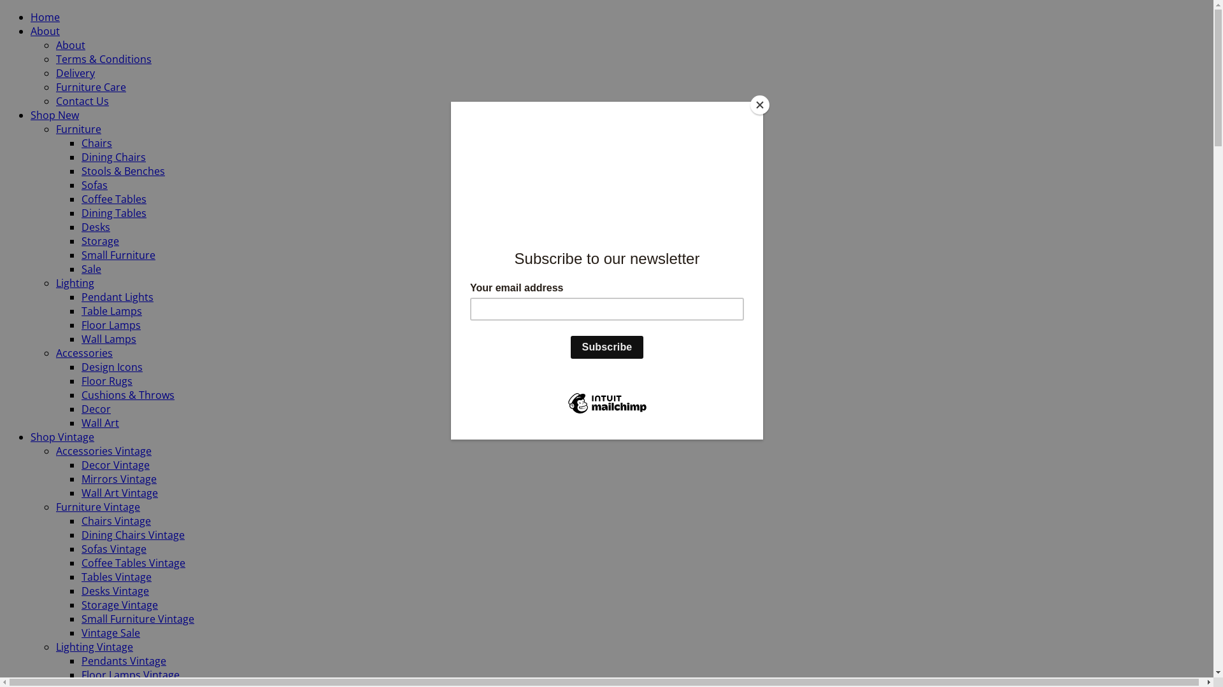 This screenshot has height=687, width=1223. Describe the element at coordinates (81, 367) in the screenshot. I see `'Design Icons'` at that location.